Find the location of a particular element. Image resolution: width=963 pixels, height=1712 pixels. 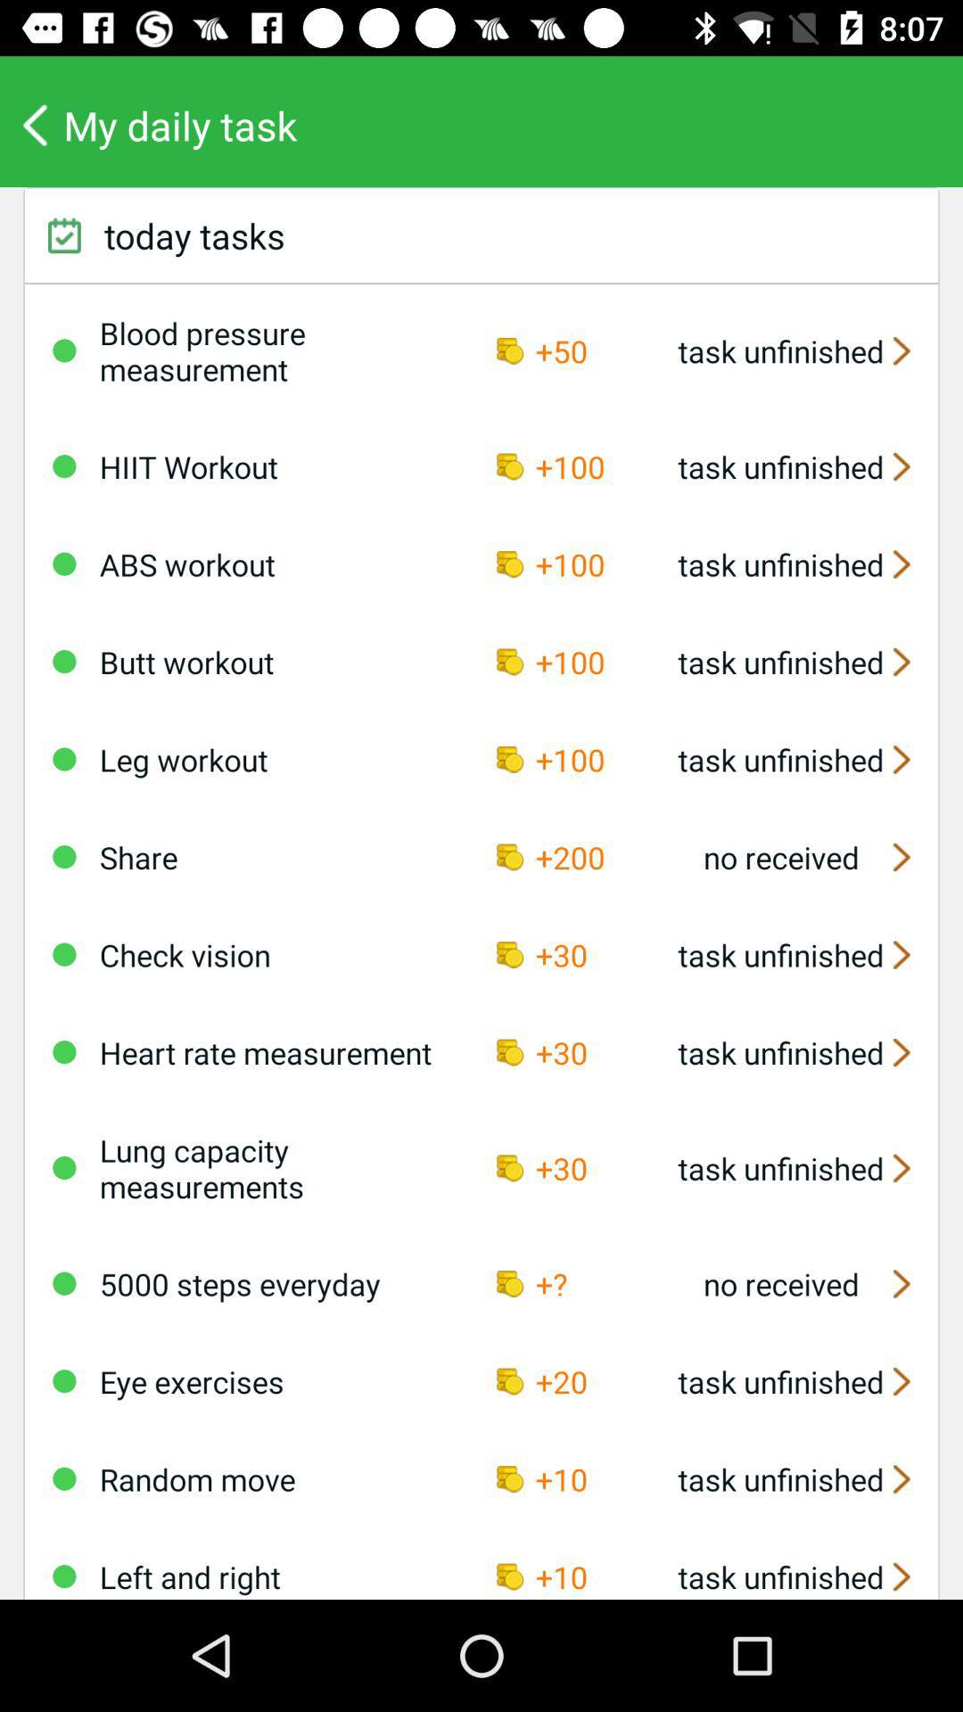

check vision on a daily task is located at coordinates (63, 953).